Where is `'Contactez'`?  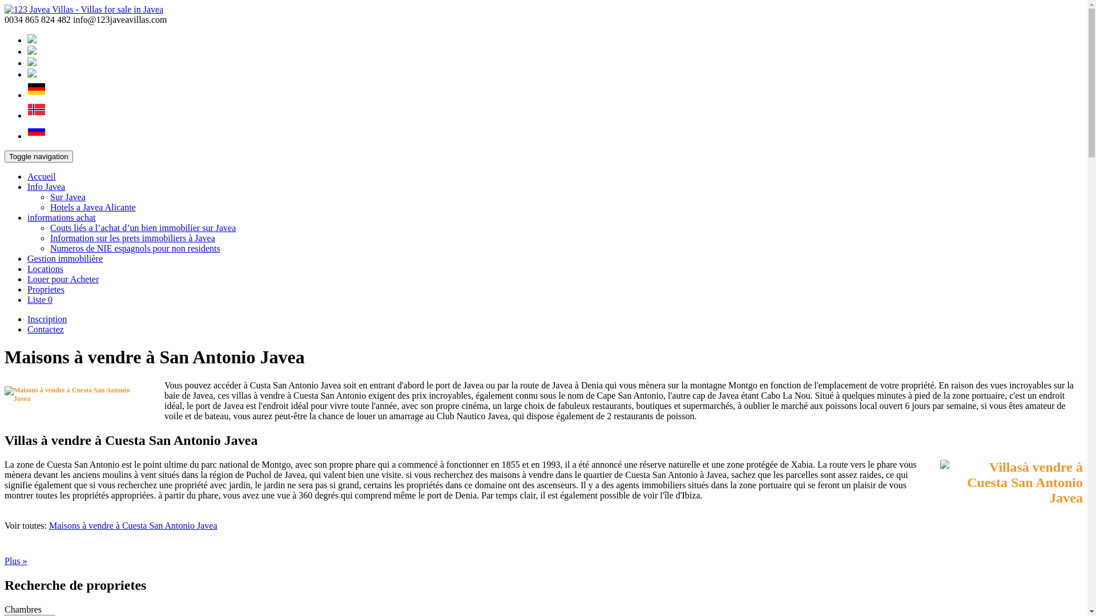 'Contactez' is located at coordinates (27, 329).